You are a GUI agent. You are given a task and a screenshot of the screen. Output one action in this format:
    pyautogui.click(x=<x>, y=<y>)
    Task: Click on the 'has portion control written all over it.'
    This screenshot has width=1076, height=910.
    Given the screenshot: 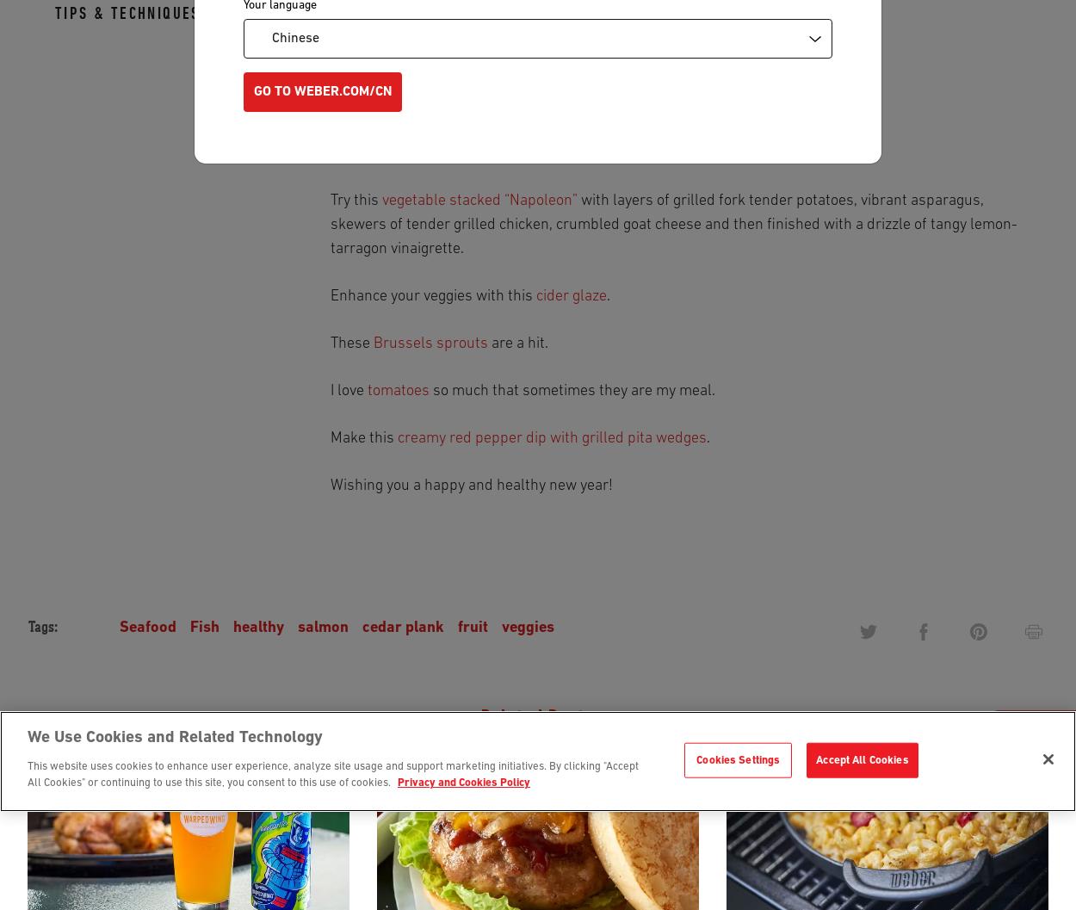 What is the action you would take?
    pyautogui.click(x=595, y=153)
    